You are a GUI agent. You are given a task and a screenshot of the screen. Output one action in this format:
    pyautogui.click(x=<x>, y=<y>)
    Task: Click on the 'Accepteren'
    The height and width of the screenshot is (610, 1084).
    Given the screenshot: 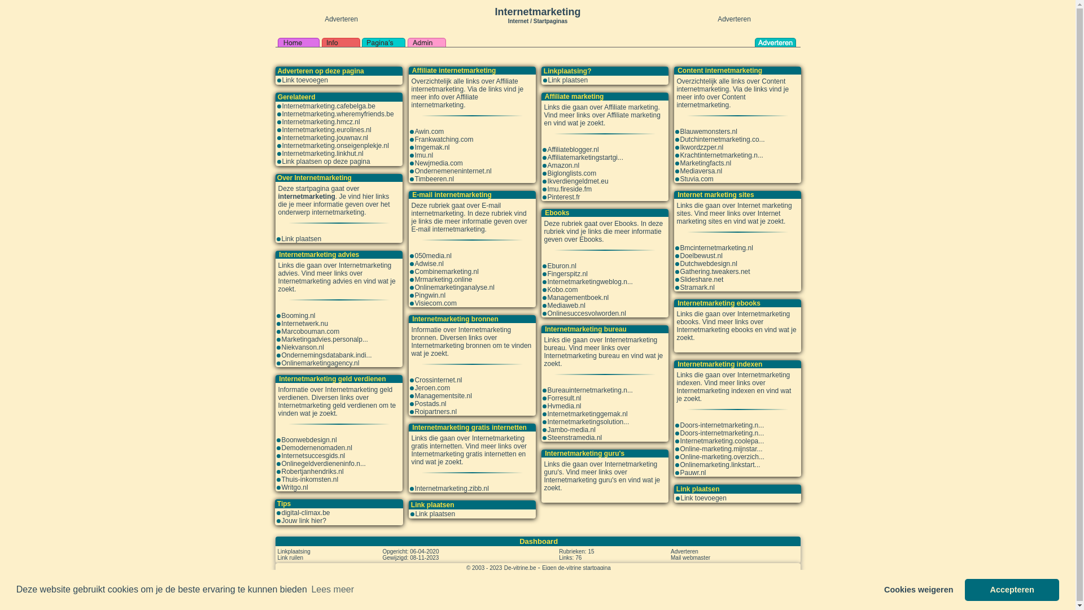 What is the action you would take?
    pyautogui.click(x=964, y=589)
    